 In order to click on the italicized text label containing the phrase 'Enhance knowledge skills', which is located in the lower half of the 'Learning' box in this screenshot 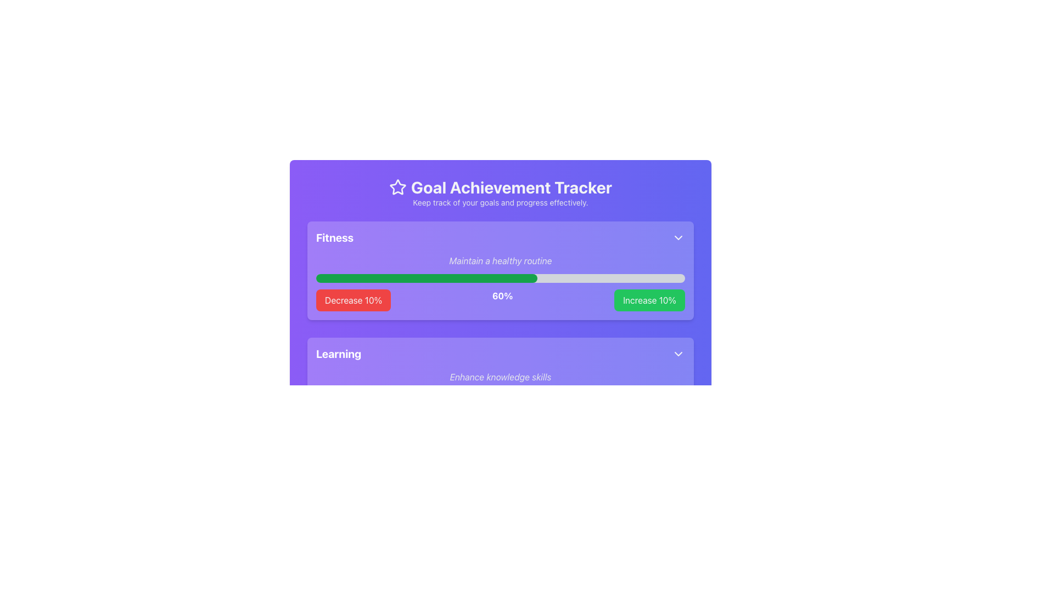, I will do `click(500, 376)`.